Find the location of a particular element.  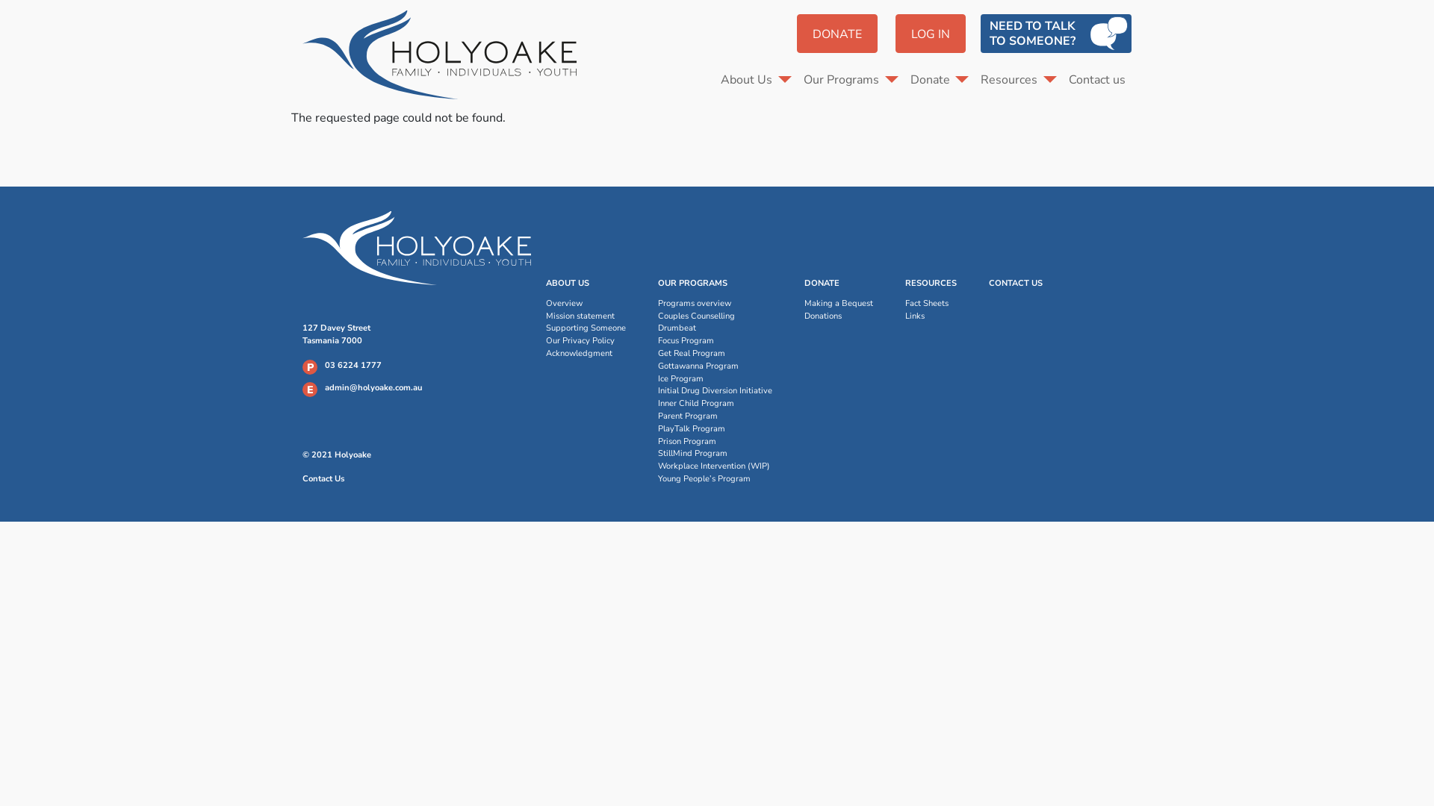

'Inner Child Program' is located at coordinates (714, 404).